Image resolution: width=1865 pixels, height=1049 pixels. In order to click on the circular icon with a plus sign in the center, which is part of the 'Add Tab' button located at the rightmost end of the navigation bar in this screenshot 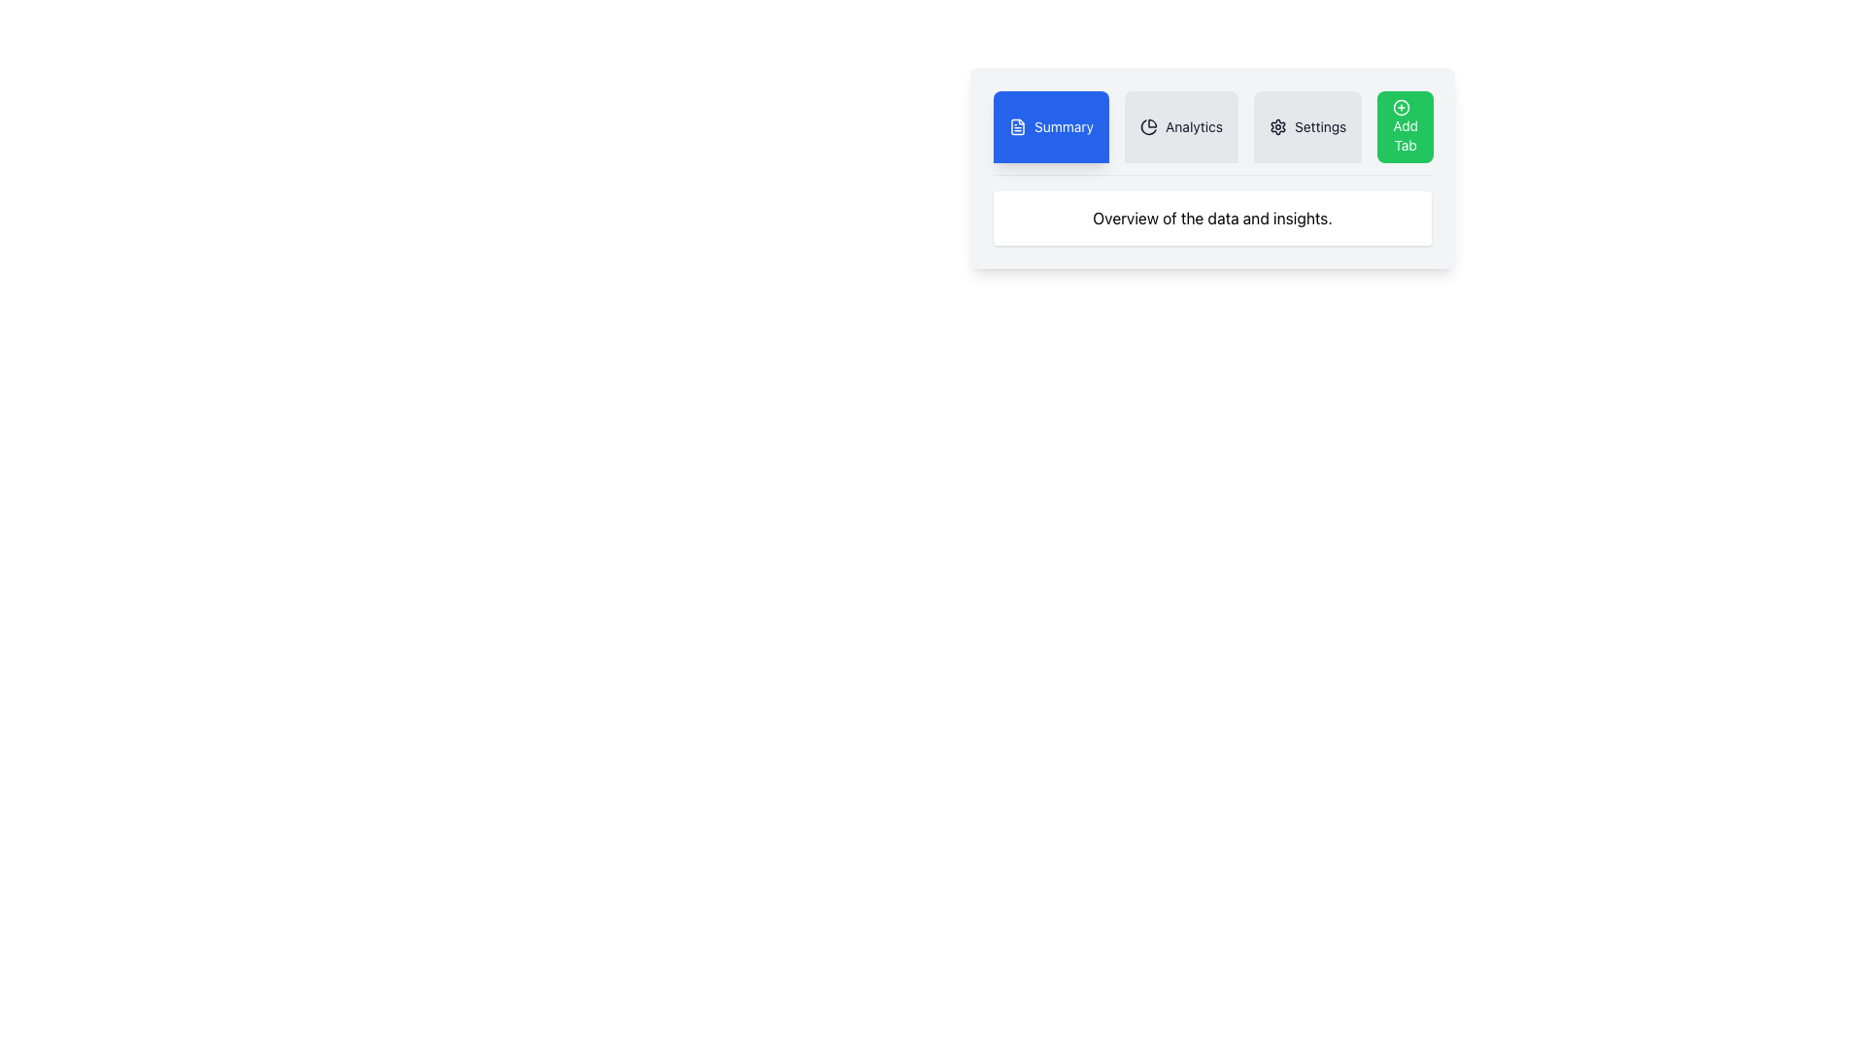, I will do `click(1402, 108)`.